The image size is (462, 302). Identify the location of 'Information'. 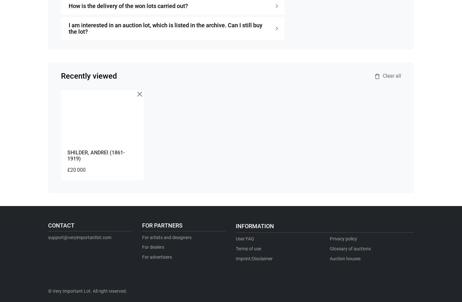
(255, 226).